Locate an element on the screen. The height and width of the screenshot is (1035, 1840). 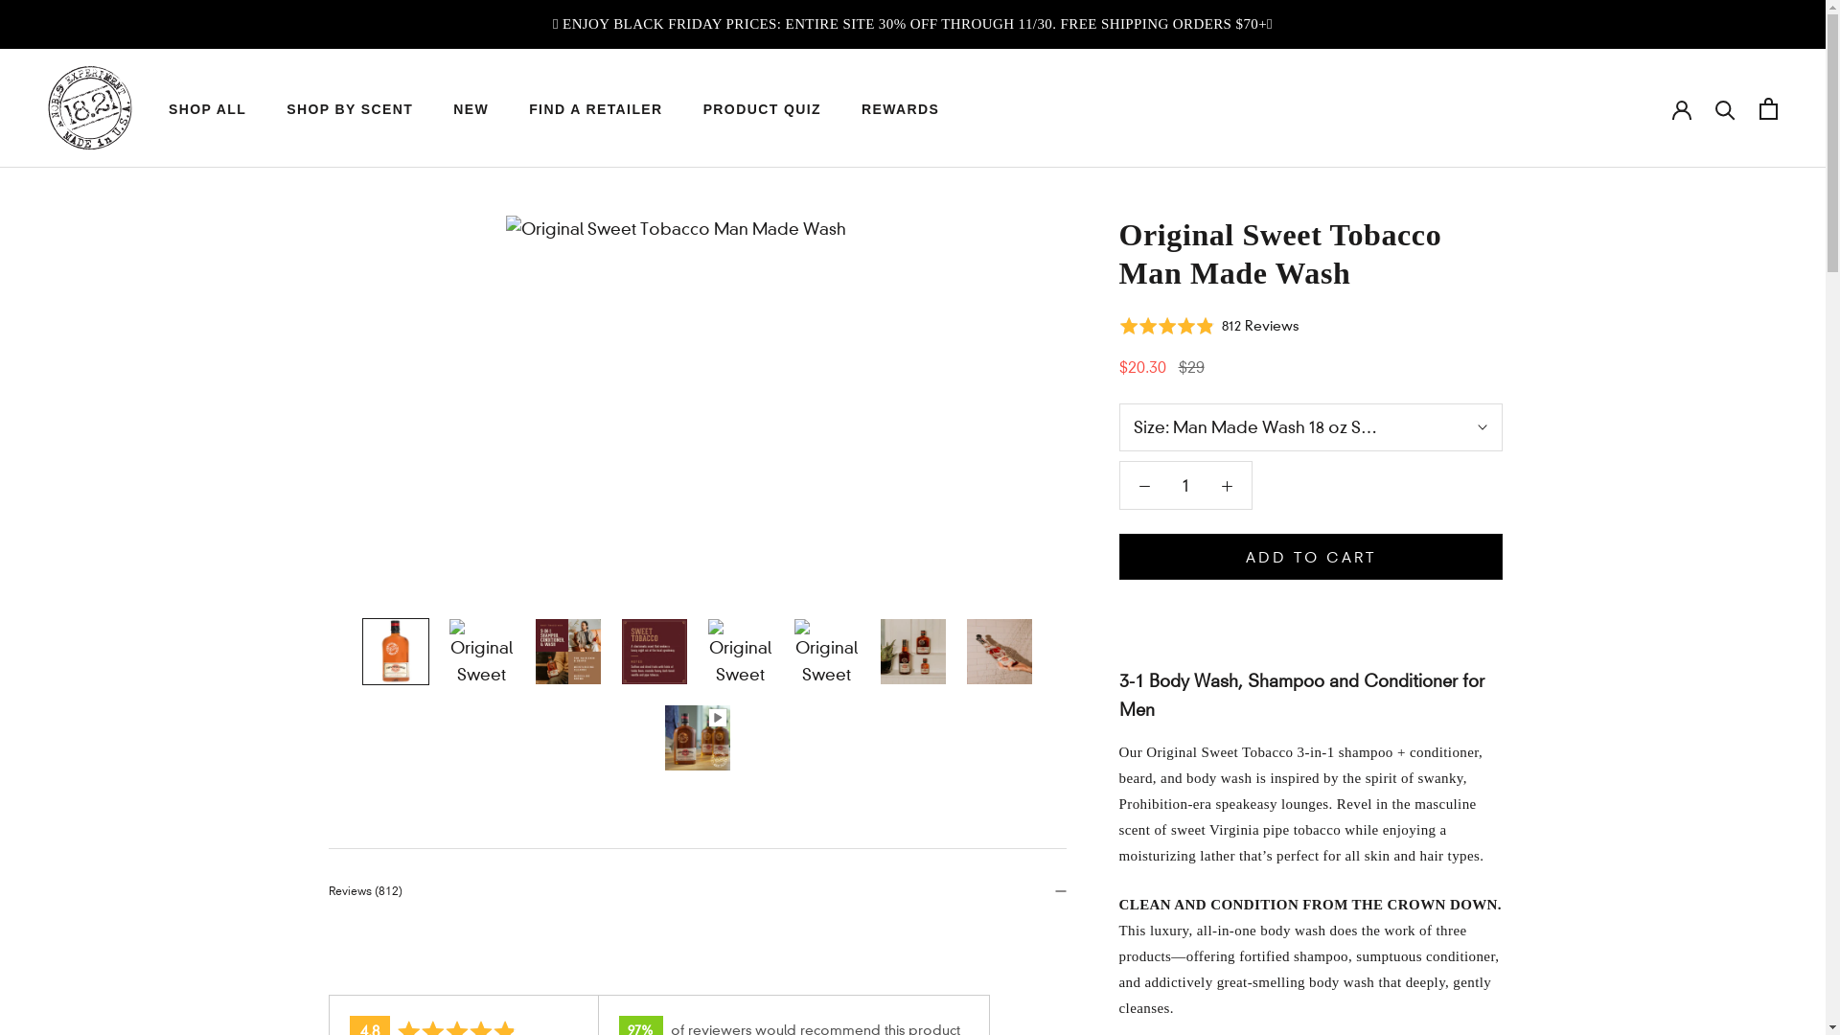
'FIND A RETAILER is located at coordinates (594, 109).